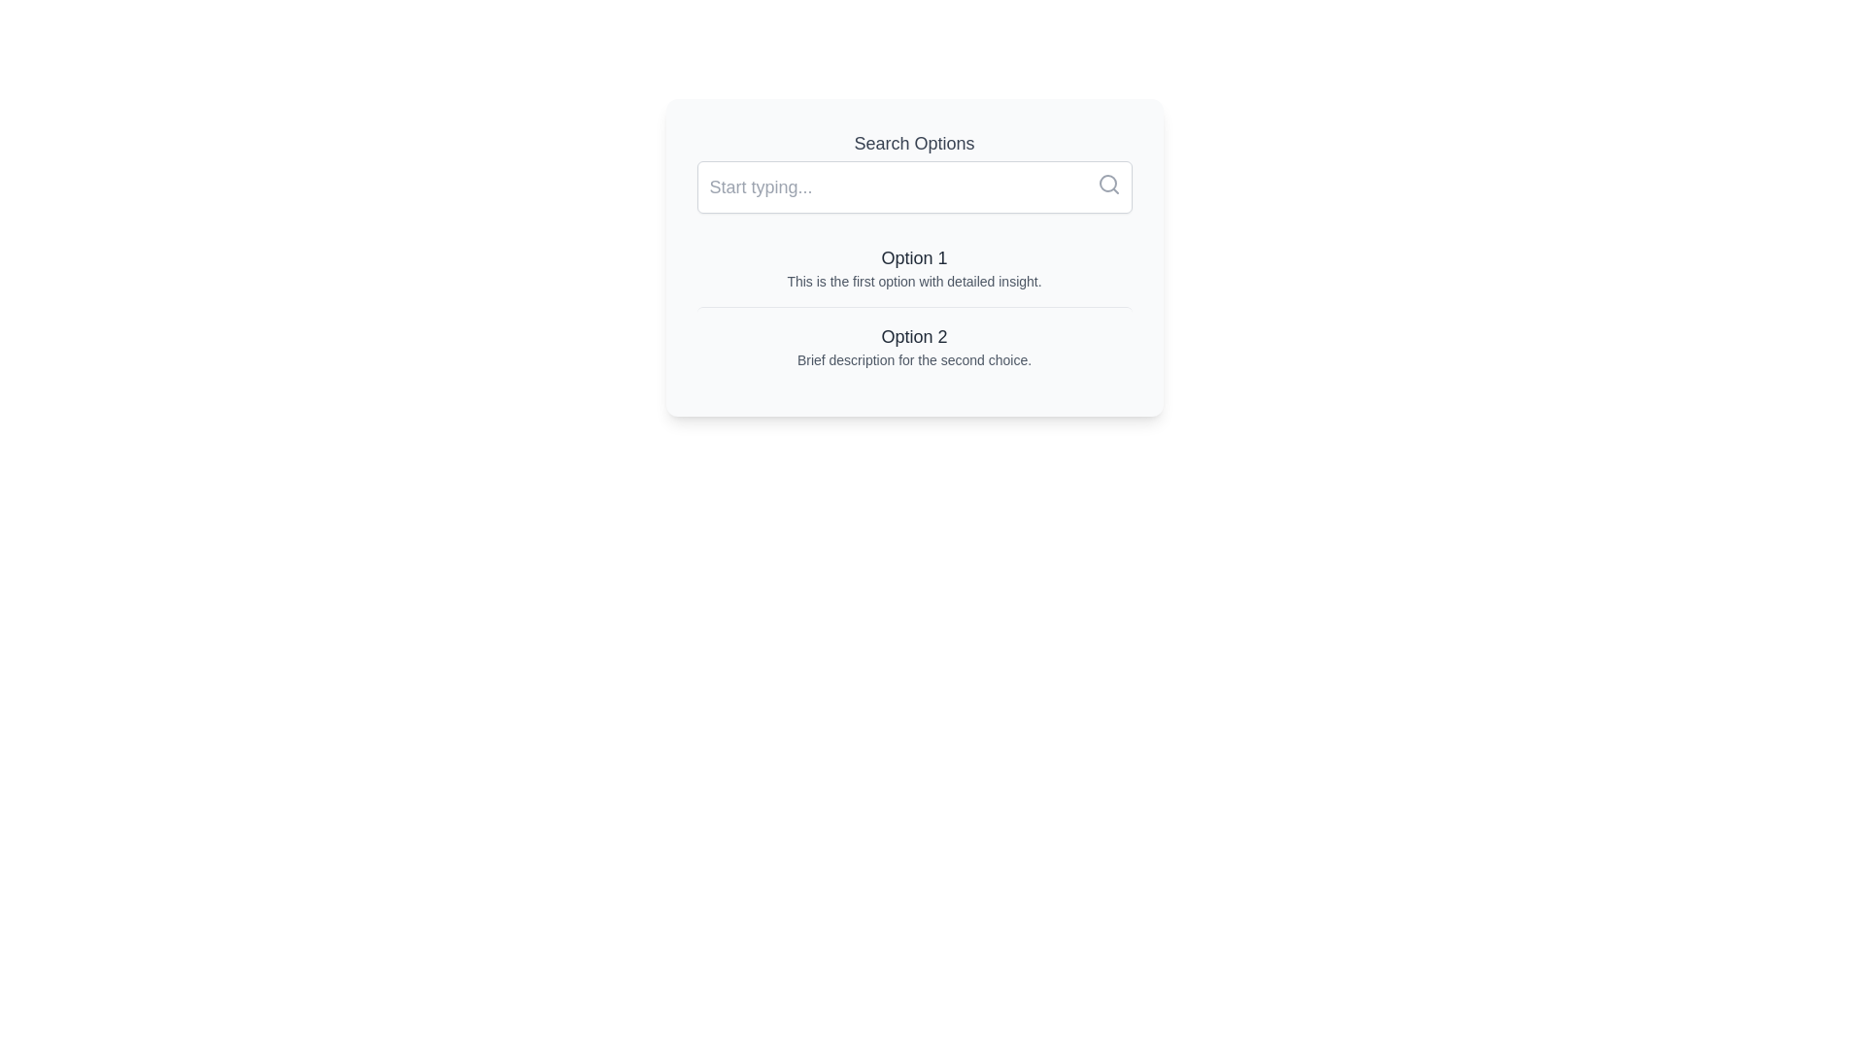 This screenshot has height=1049, width=1865. I want to click on the input field of the Search Bar labeled 'Search Options' to activate text entry, so click(913, 171).